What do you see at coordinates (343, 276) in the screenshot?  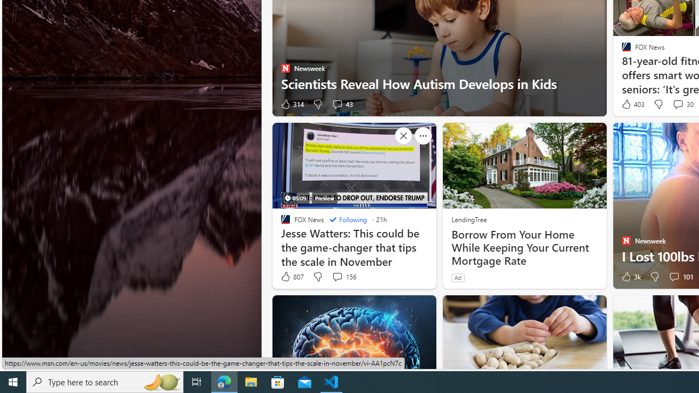 I see `'View comments 156 Comment'` at bounding box center [343, 276].